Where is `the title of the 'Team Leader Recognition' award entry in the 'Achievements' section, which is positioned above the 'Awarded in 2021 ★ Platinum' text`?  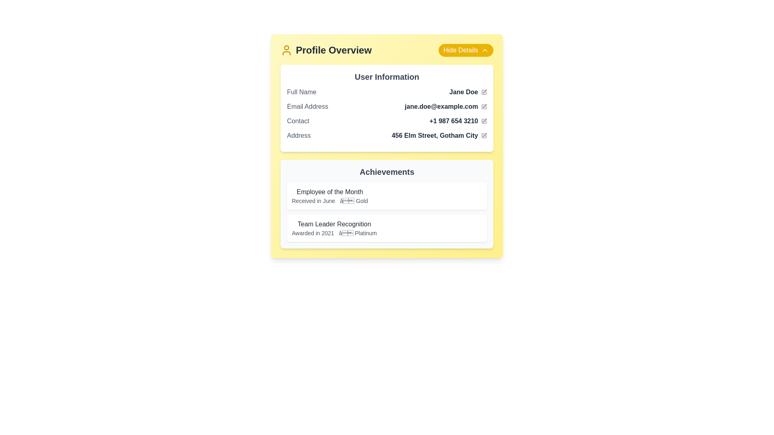
the title of the 'Team Leader Recognition' award entry in the 'Achievements' section, which is positioned above the 'Awarded in 2021 ★ Platinum' text is located at coordinates (334, 224).